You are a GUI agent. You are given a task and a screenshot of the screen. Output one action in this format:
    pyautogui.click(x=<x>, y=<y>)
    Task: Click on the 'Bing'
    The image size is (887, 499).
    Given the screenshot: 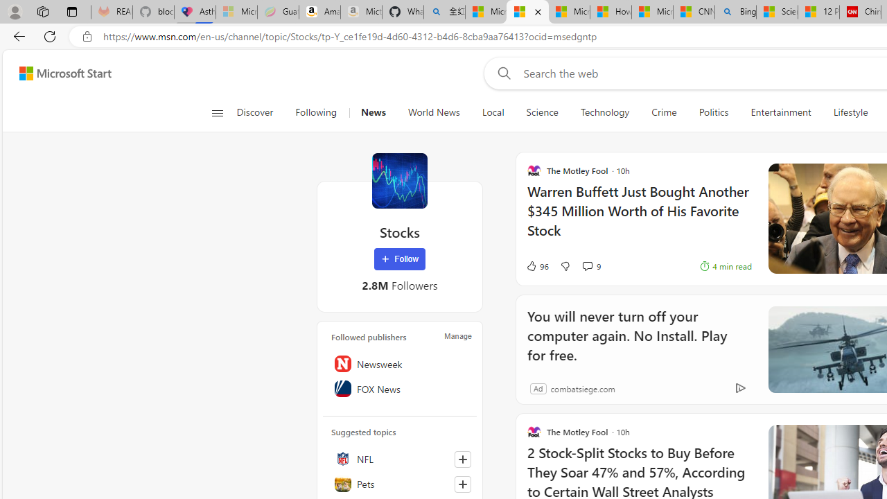 What is the action you would take?
    pyautogui.click(x=735, y=12)
    